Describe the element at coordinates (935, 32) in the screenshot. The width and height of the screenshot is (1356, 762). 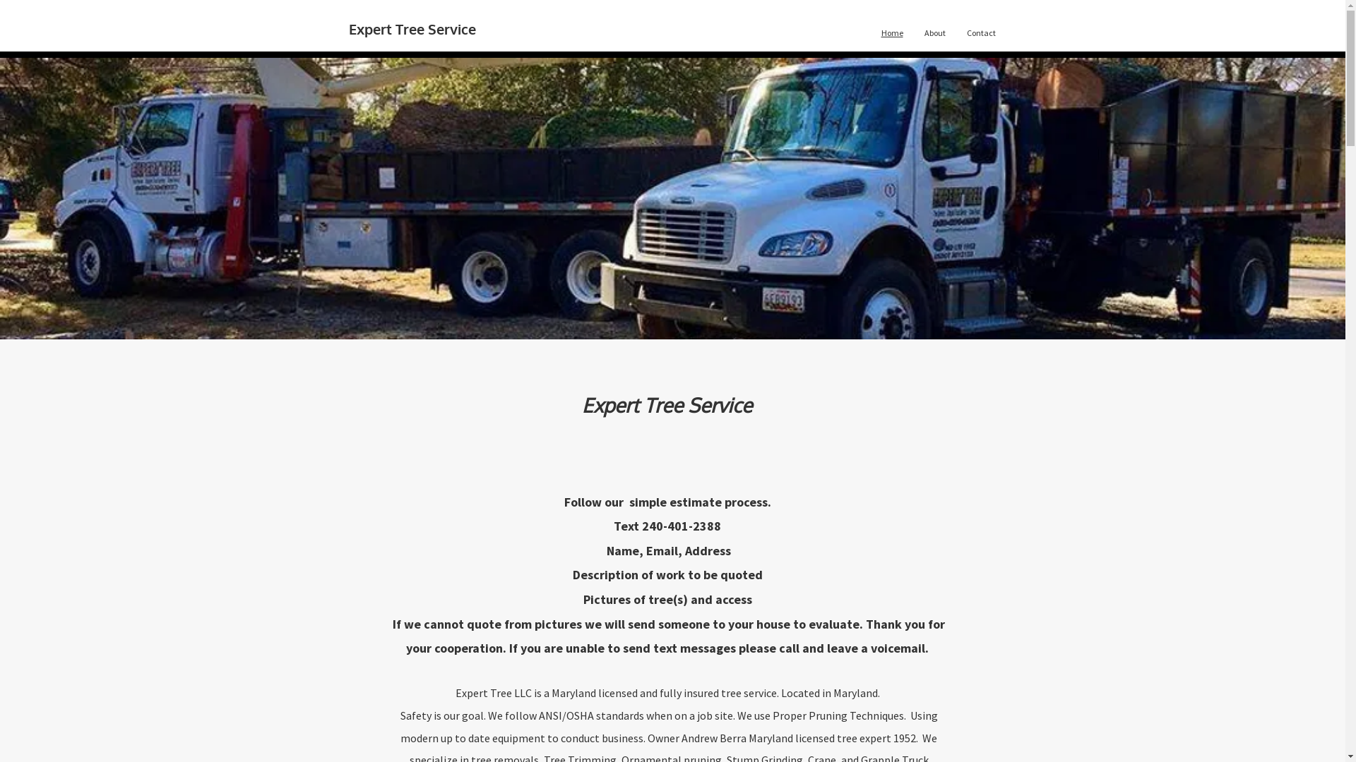
I see `'About'` at that location.